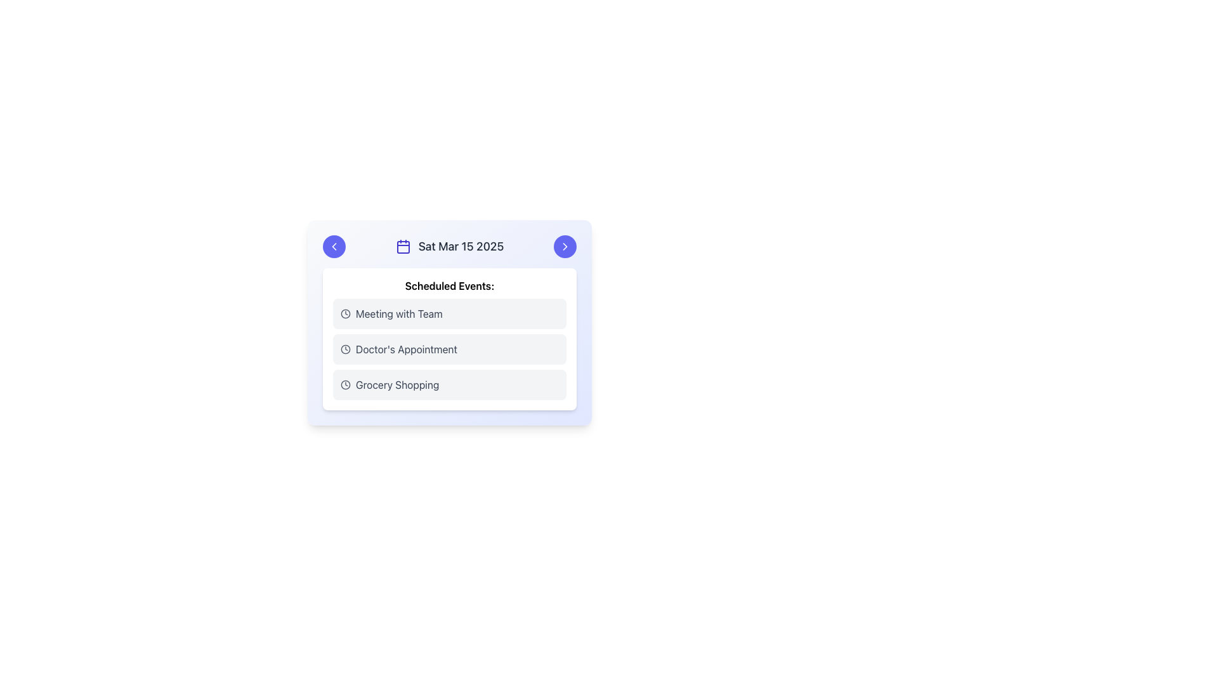  What do you see at coordinates (450, 384) in the screenshot?
I see `the event list item labeled 'Grocery Shopping', which is the third item in a vertical list of scheduled events` at bounding box center [450, 384].